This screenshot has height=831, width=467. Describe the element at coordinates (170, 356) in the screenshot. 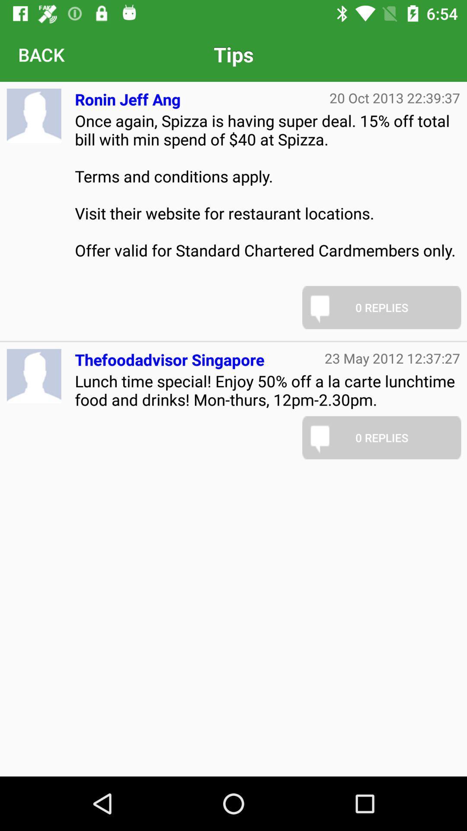

I see `the icon next to the 23 may 2012` at that location.